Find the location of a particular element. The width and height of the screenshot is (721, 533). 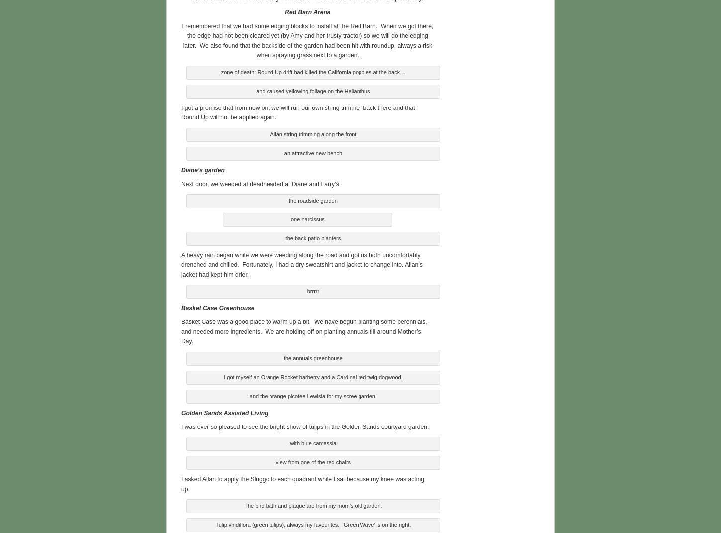

'an attractive new bench' is located at coordinates (312, 152).